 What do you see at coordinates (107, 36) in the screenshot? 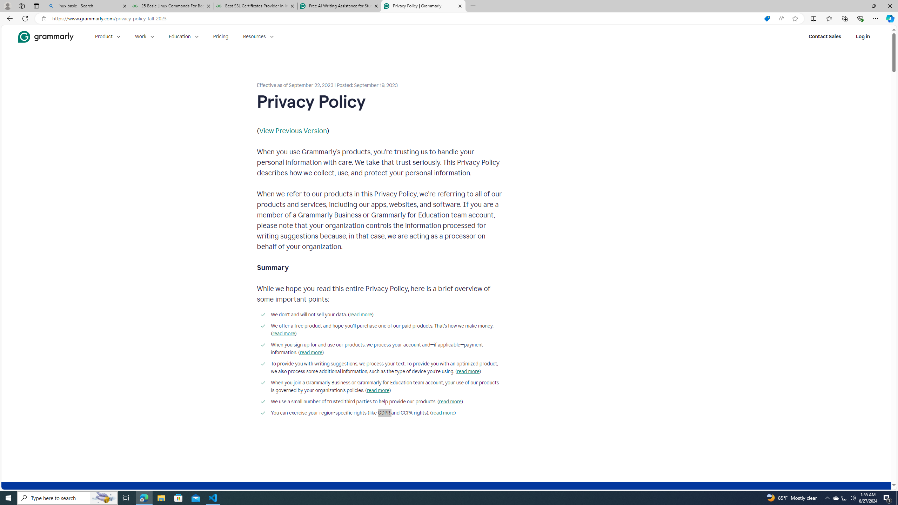
I see `'Product'` at bounding box center [107, 36].